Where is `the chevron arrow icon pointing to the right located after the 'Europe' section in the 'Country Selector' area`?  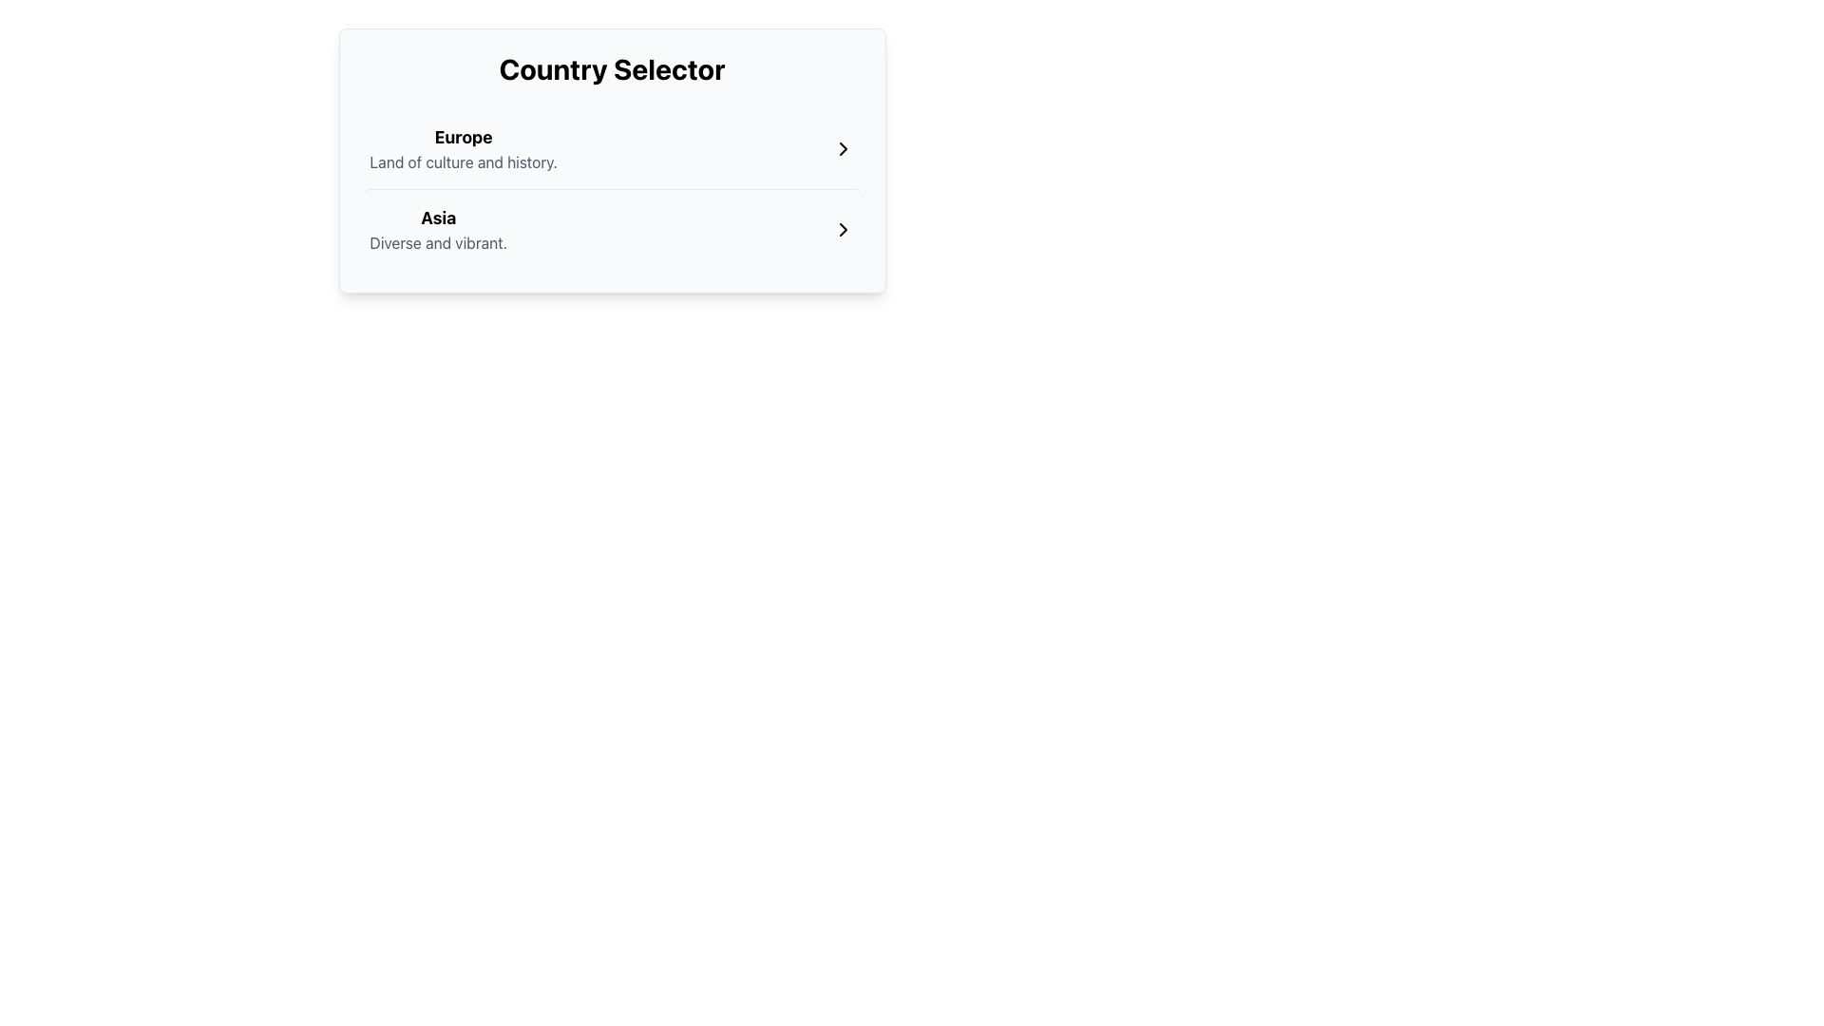
the chevron arrow icon pointing to the right located after the 'Europe' section in the 'Country Selector' area is located at coordinates (842, 148).